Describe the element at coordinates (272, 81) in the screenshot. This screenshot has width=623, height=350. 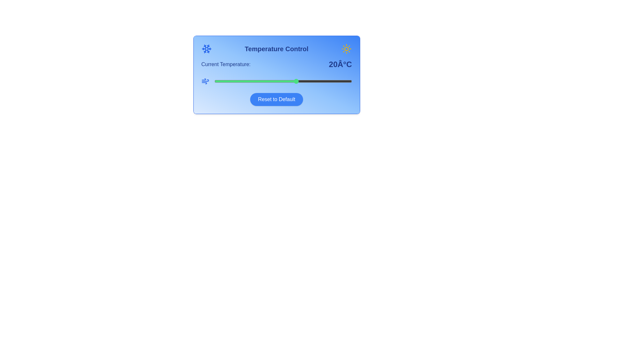
I see `the temperature slider` at that location.